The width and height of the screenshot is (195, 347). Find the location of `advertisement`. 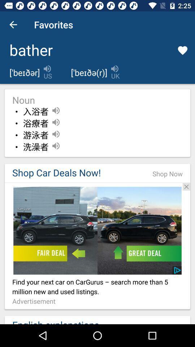

advertisement is located at coordinates (97, 182).